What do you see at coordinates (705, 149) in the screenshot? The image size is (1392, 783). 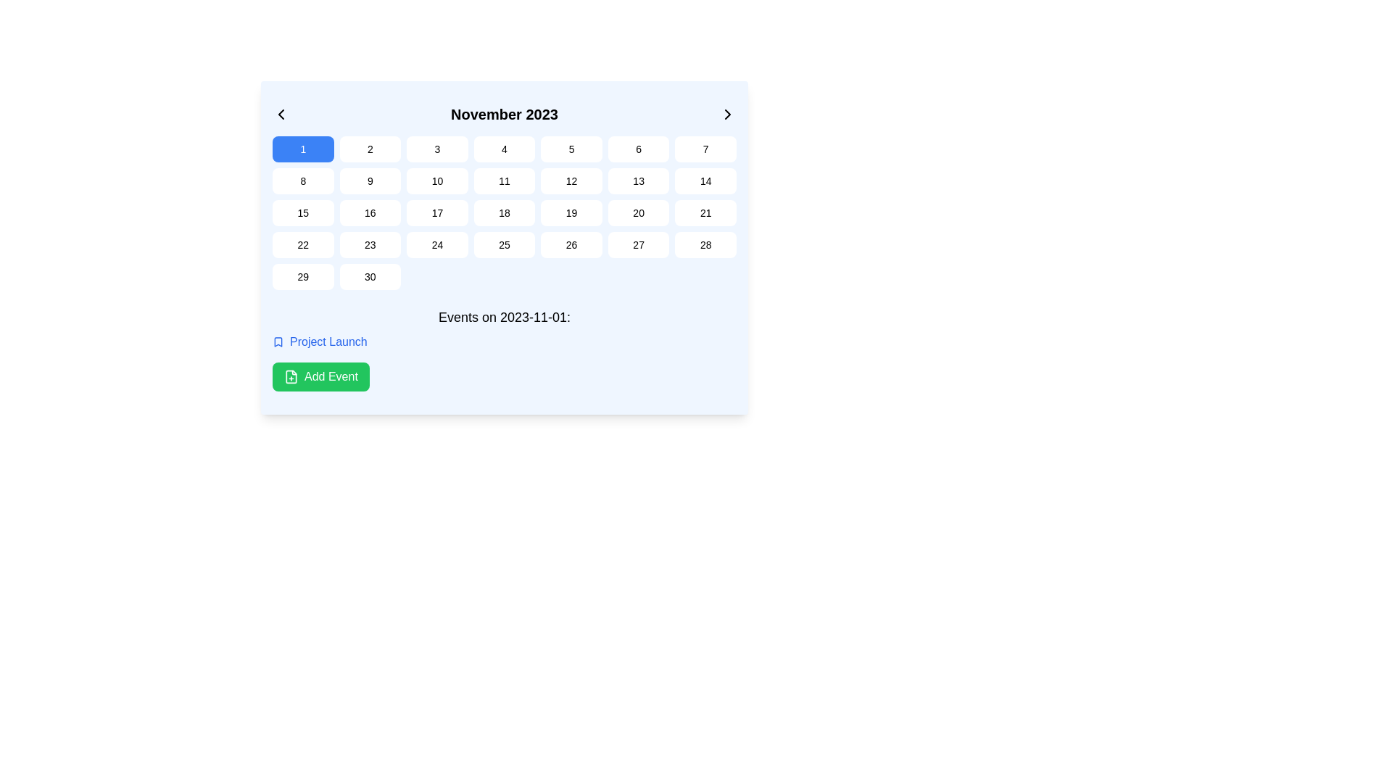 I see `the rectangular button with a rounded border displaying the number 7 in black text` at bounding box center [705, 149].